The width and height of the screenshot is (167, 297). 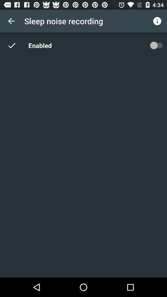 What do you see at coordinates (41, 45) in the screenshot?
I see `the enabled` at bounding box center [41, 45].